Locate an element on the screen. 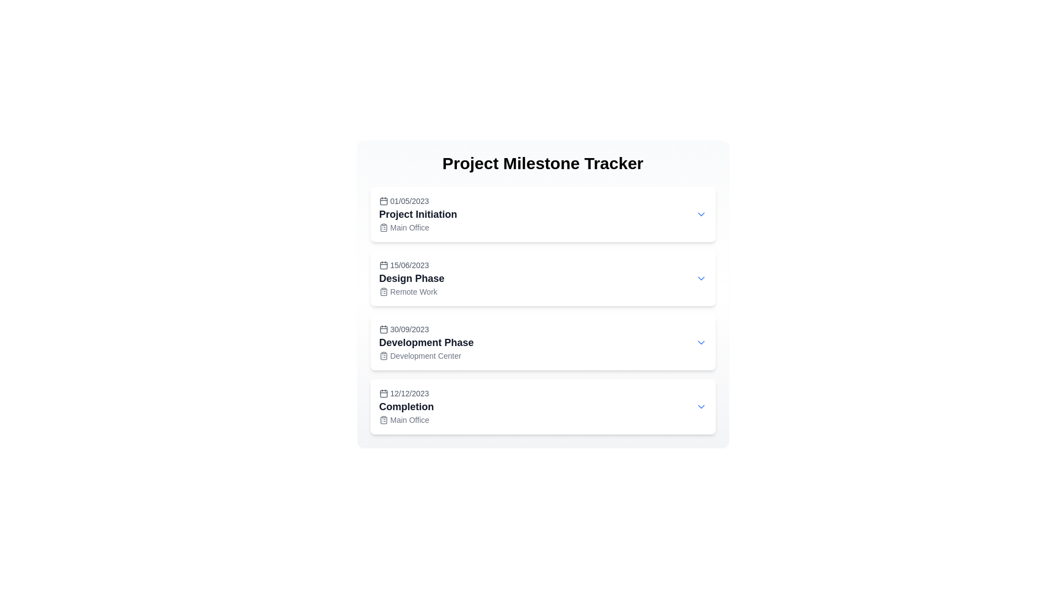 This screenshot has width=1062, height=597. the filled square icon in the central portion of the calendar icon that symbolizes a highlighted date or event, located to the left of the '15/06/2023 Design Phase' text is located at coordinates (383, 265).